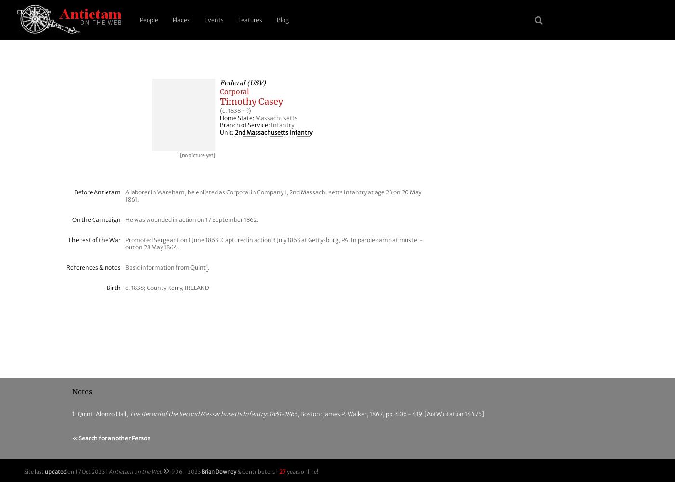  Describe the element at coordinates (277, 19) in the screenshot. I see `'Blog'` at that location.